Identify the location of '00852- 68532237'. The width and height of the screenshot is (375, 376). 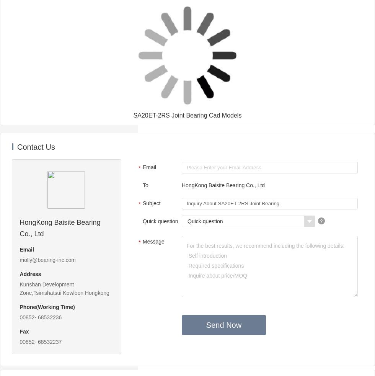
(19, 342).